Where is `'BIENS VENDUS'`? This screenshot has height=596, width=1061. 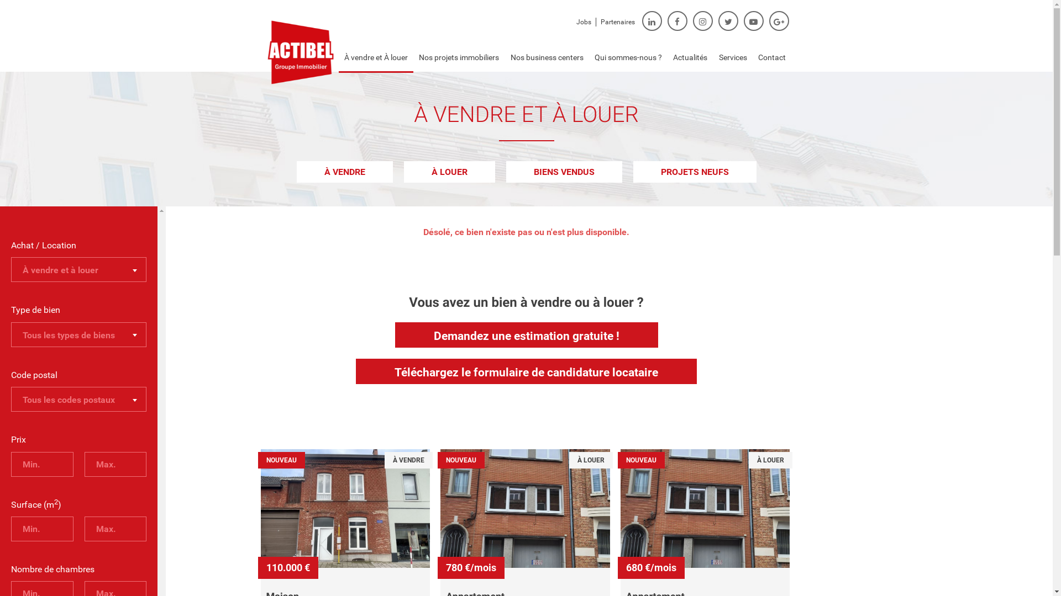 'BIENS VENDUS' is located at coordinates (506, 172).